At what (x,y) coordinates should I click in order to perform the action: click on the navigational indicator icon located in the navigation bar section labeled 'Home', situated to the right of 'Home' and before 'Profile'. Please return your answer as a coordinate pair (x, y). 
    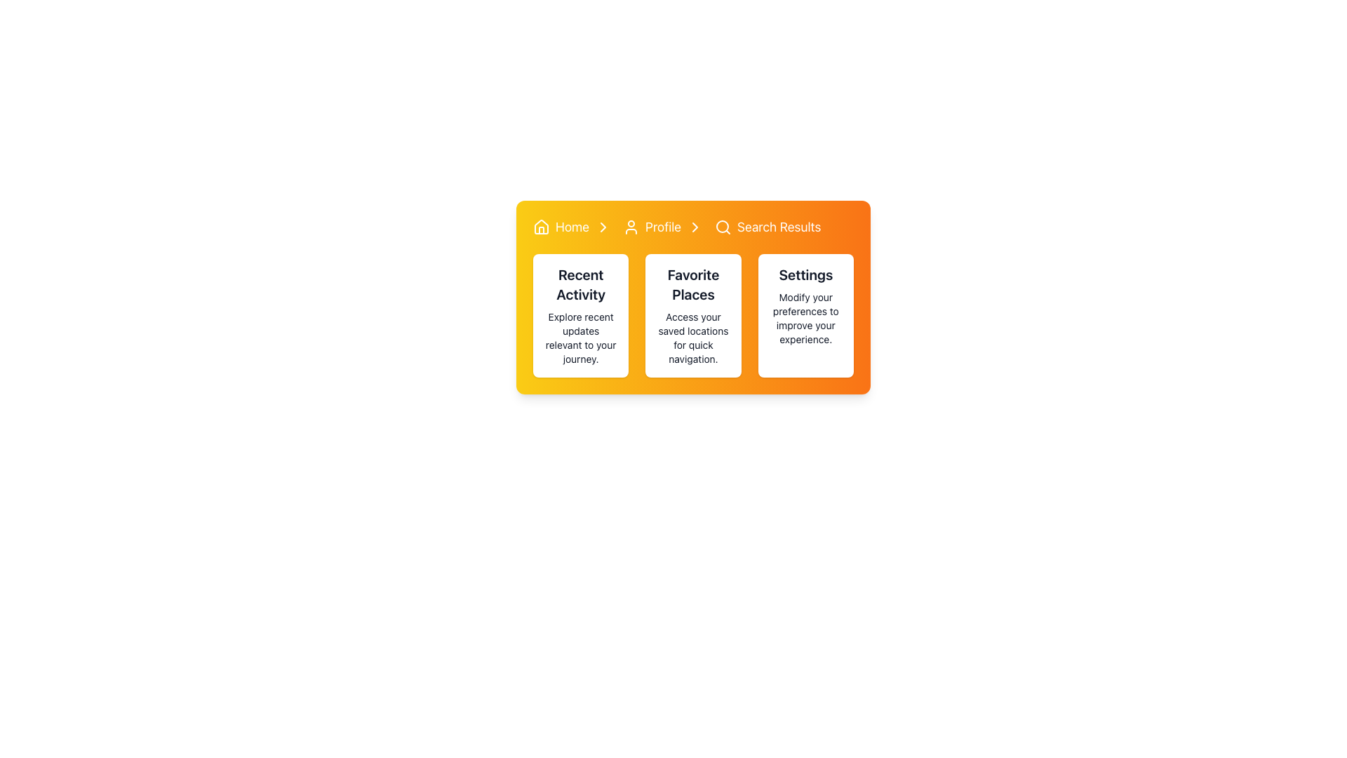
    Looking at the image, I should click on (603, 227).